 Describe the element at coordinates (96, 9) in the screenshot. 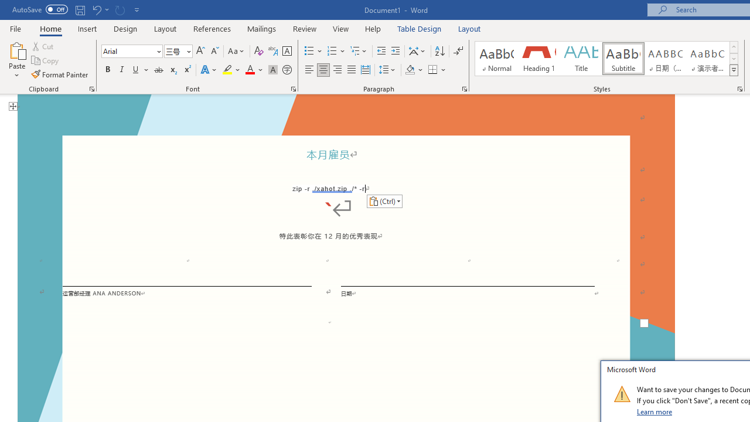

I see `'Undo Paste'` at that location.